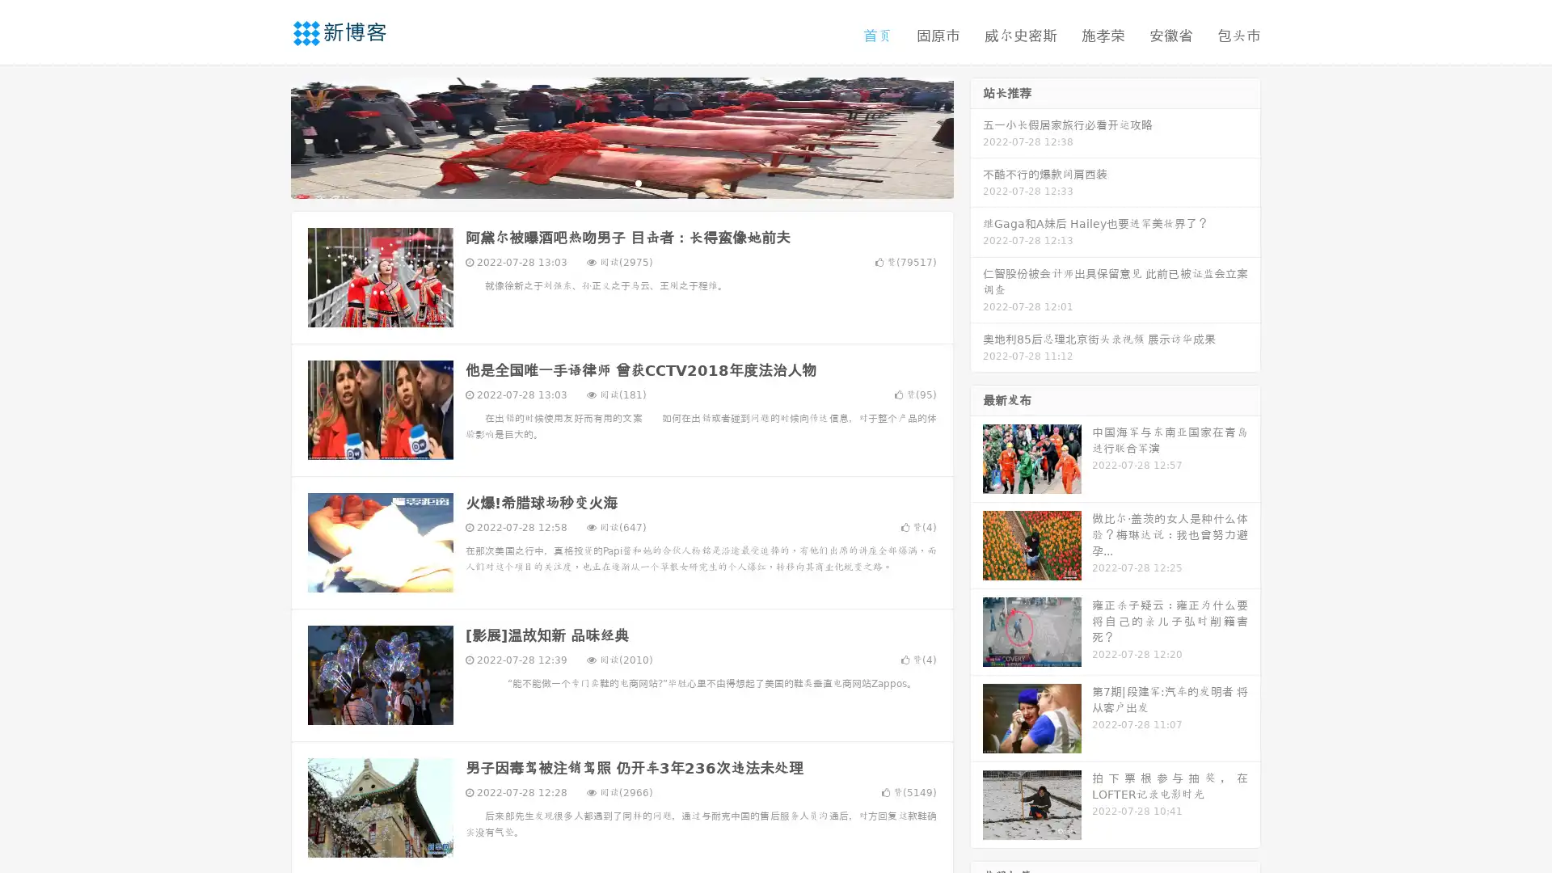  Describe the element at coordinates (976, 136) in the screenshot. I see `Next slide` at that location.